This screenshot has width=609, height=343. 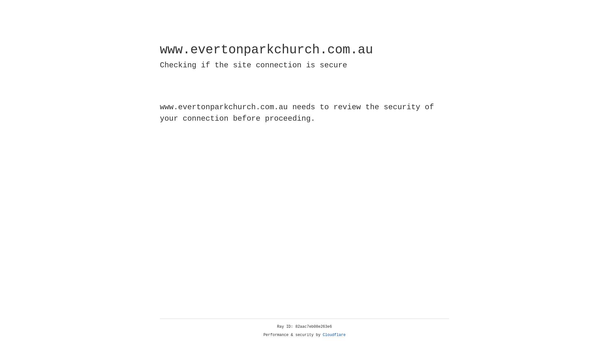 I want to click on 'Cloudflare', so click(x=323, y=335).